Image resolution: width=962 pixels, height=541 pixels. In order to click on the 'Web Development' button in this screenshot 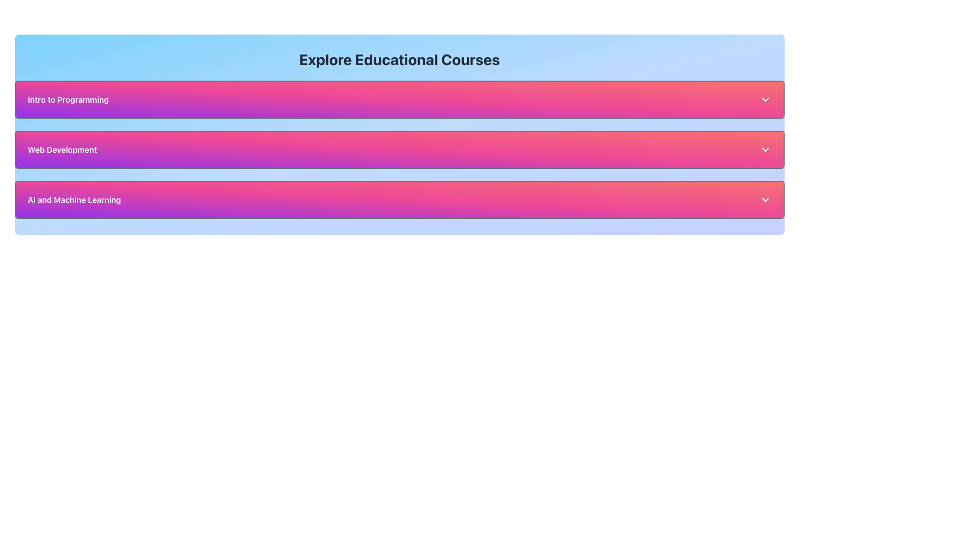, I will do `click(399, 150)`.